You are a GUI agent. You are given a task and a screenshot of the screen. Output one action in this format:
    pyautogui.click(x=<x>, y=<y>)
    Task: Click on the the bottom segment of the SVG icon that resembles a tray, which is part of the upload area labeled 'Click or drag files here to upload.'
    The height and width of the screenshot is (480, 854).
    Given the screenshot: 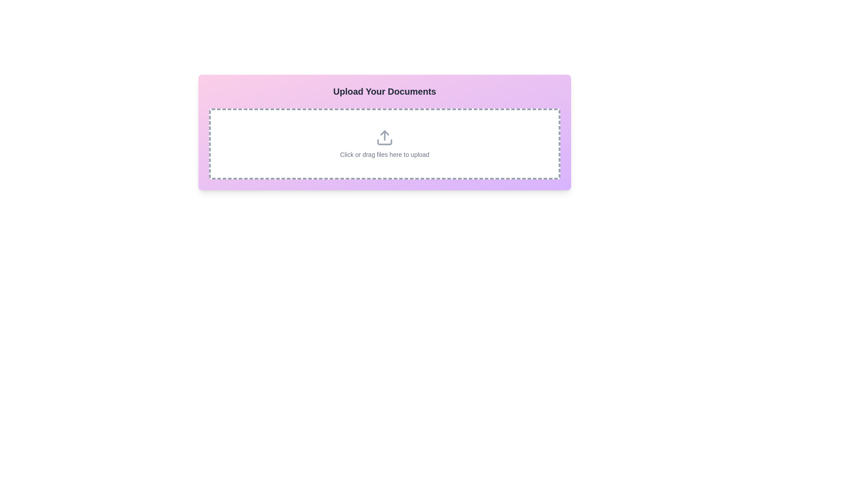 What is the action you would take?
    pyautogui.click(x=384, y=142)
    